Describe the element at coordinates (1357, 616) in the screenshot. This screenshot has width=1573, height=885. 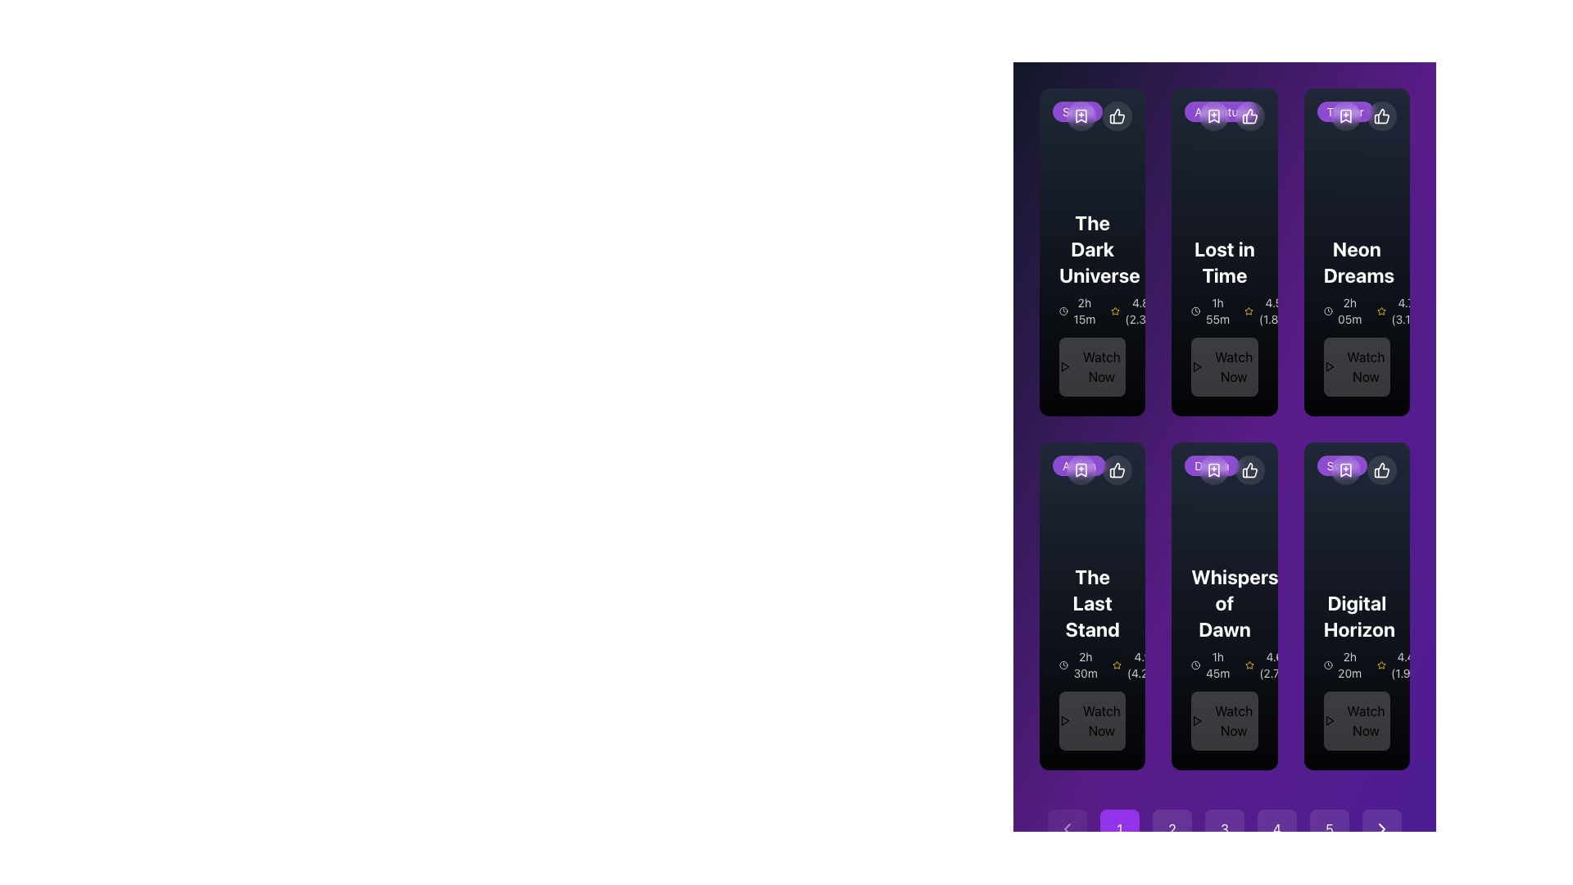
I see `the text label displaying the title of the featured content item, located in the last column of the second row in a grid layout` at that location.